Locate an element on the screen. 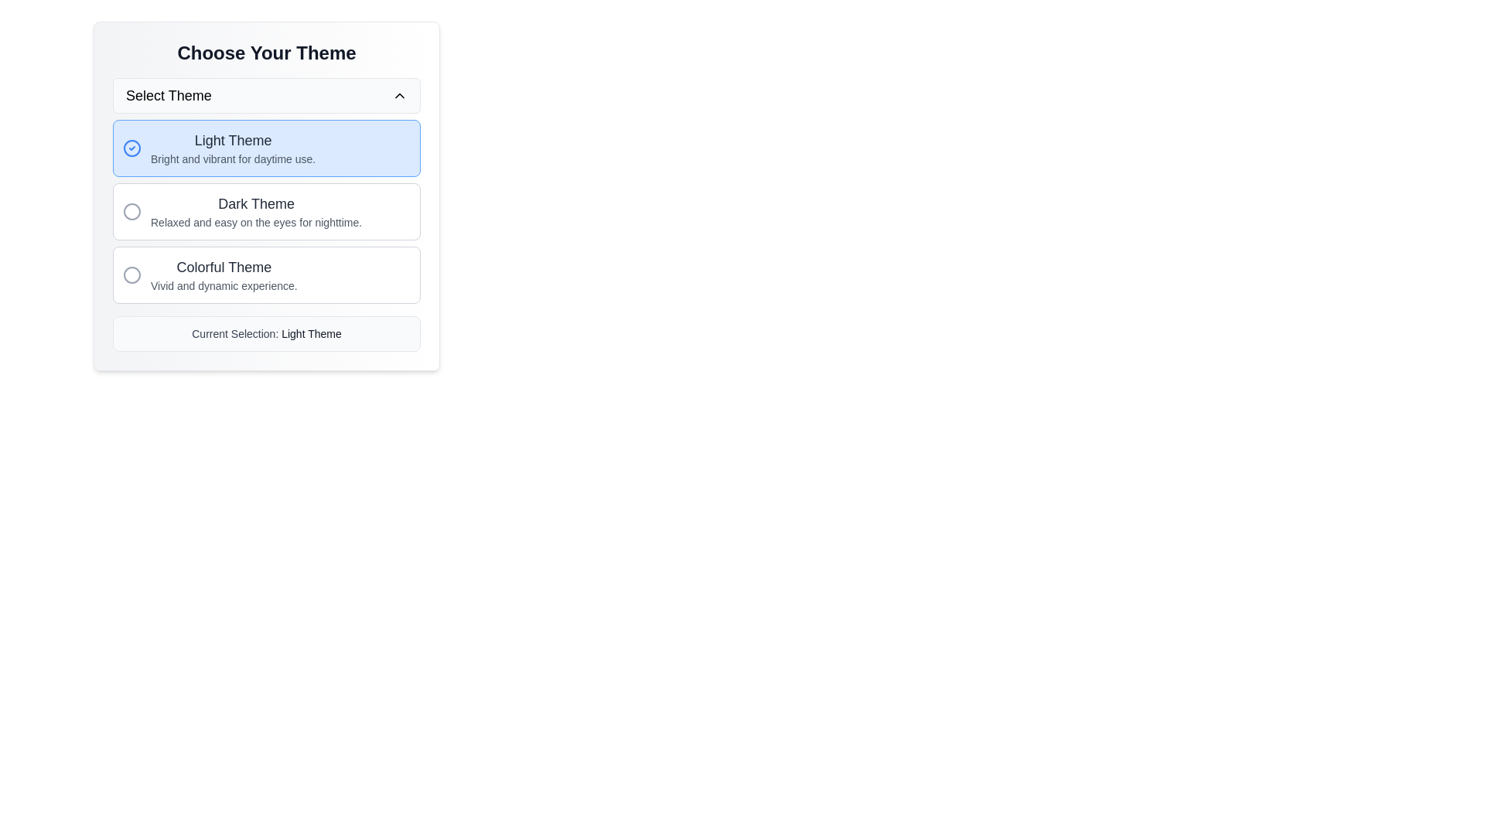 This screenshot has height=835, width=1485. the center of the Radio button indicator (icon) is located at coordinates (132, 211).